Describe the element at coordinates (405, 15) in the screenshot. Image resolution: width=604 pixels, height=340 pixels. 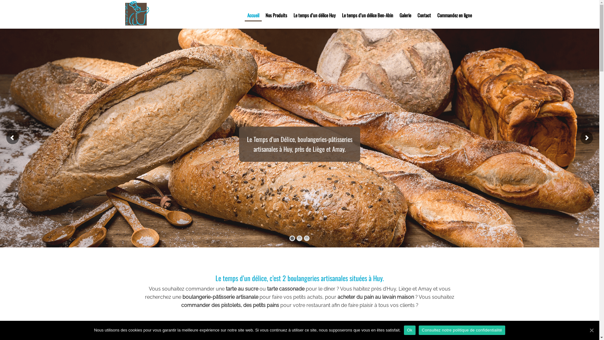
I see `'Galerie'` at that location.